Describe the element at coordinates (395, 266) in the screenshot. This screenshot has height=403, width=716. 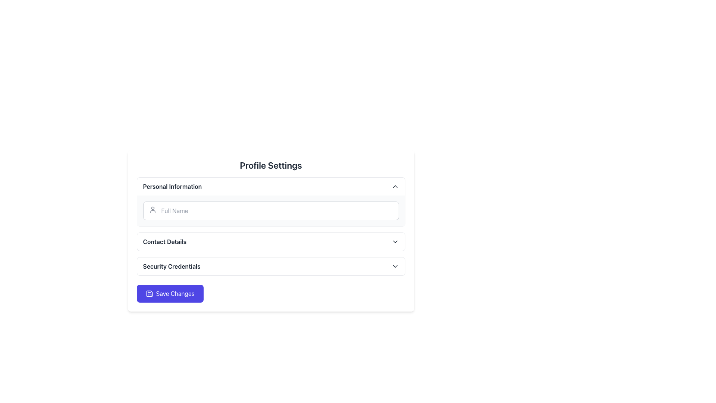
I see `the downward chevron arrow icon on the right side of the 'Security Credentials' row` at that location.